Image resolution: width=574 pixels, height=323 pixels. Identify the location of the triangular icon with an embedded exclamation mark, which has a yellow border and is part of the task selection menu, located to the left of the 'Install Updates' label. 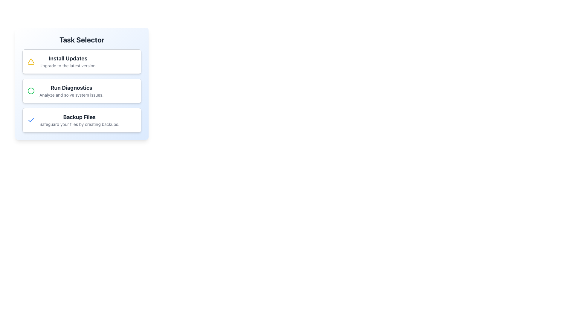
(31, 61).